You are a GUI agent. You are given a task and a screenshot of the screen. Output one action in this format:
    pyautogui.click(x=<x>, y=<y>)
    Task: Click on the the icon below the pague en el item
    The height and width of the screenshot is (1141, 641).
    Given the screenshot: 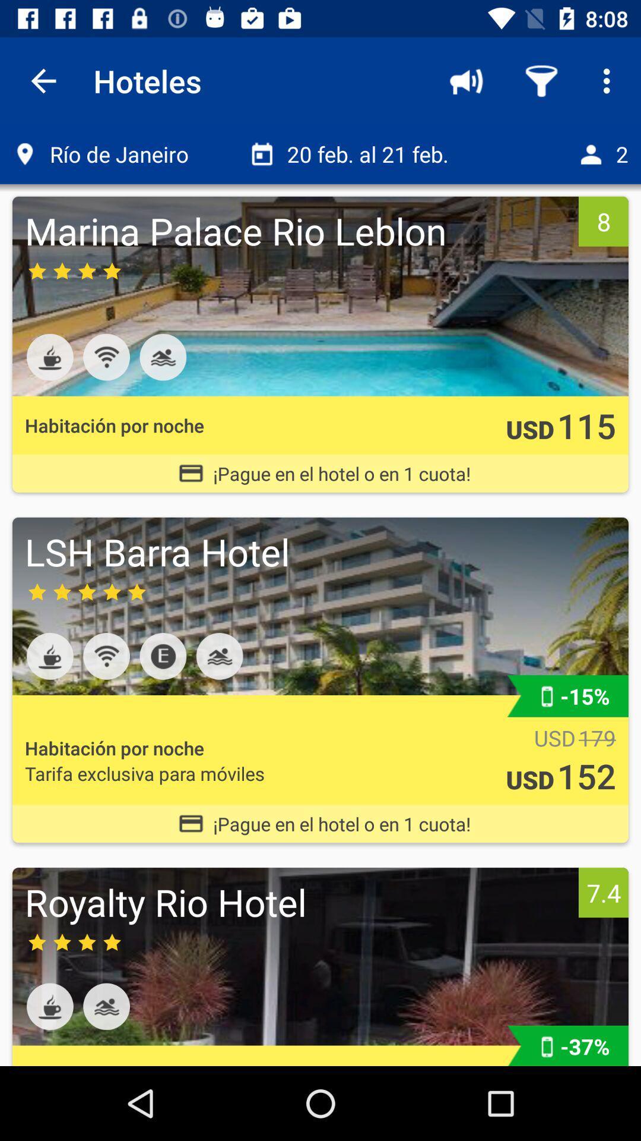 What is the action you would take?
    pyautogui.click(x=298, y=902)
    